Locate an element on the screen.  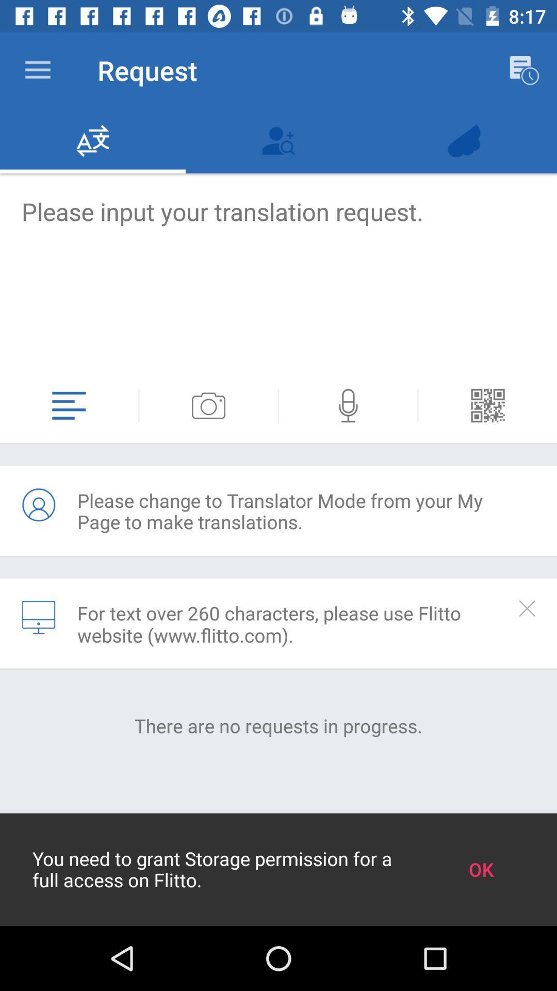
attach photo is located at coordinates (208, 405).